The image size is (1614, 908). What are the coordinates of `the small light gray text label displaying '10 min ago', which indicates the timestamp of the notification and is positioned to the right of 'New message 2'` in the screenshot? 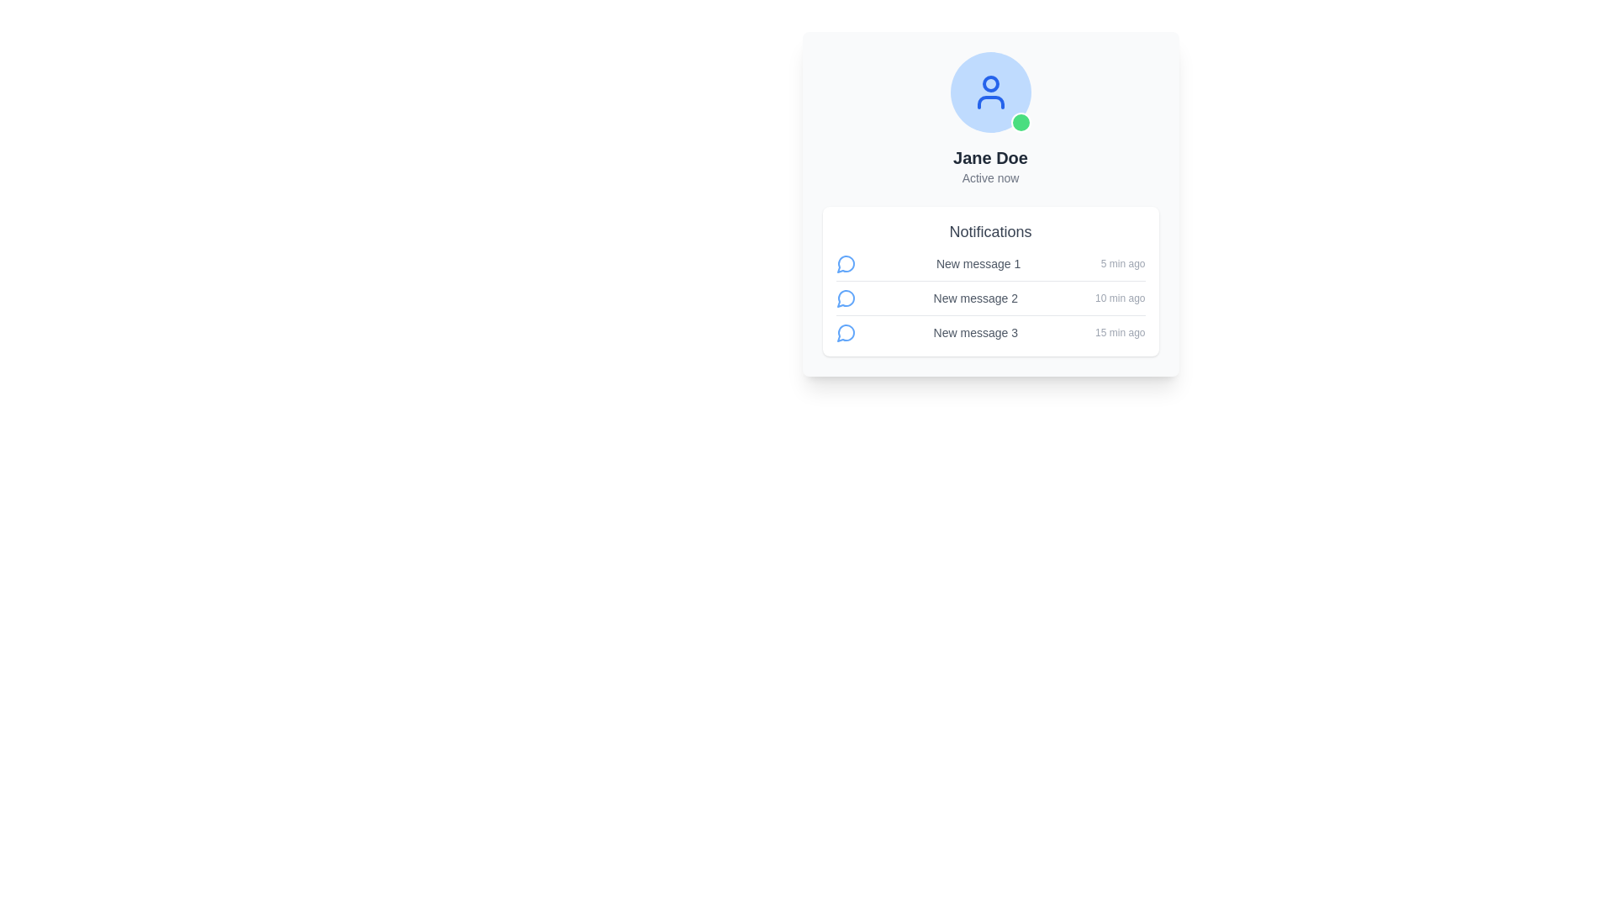 It's located at (1120, 297).